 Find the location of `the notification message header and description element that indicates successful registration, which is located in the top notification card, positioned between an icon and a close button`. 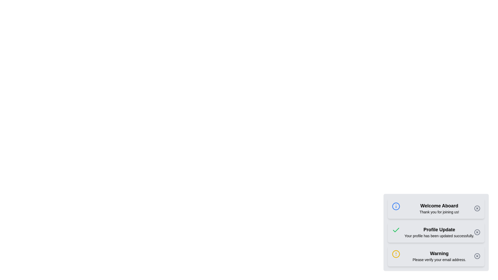

the notification message header and description element that indicates successful registration, which is located in the top notification card, positioned between an icon and a close button is located at coordinates (439, 208).